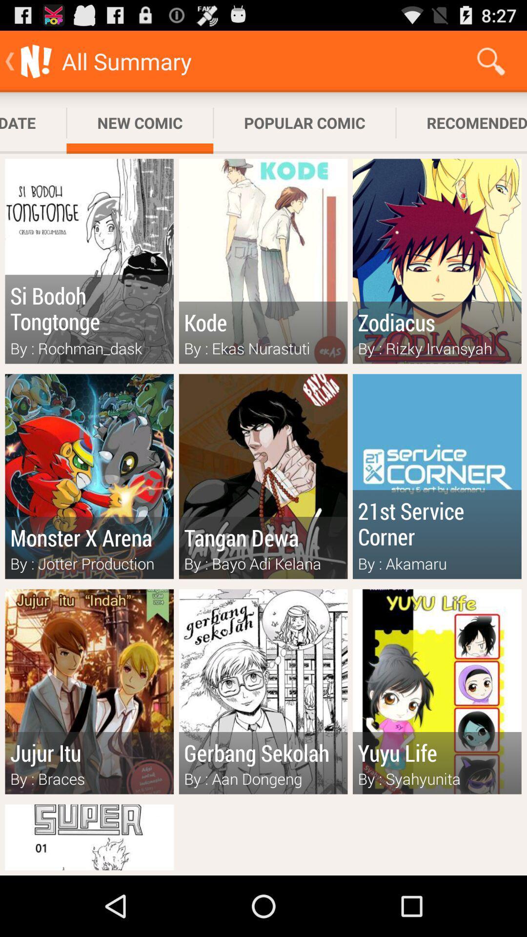 The image size is (527, 937). What do you see at coordinates (140, 122) in the screenshot?
I see `the item next to popular comic` at bounding box center [140, 122].